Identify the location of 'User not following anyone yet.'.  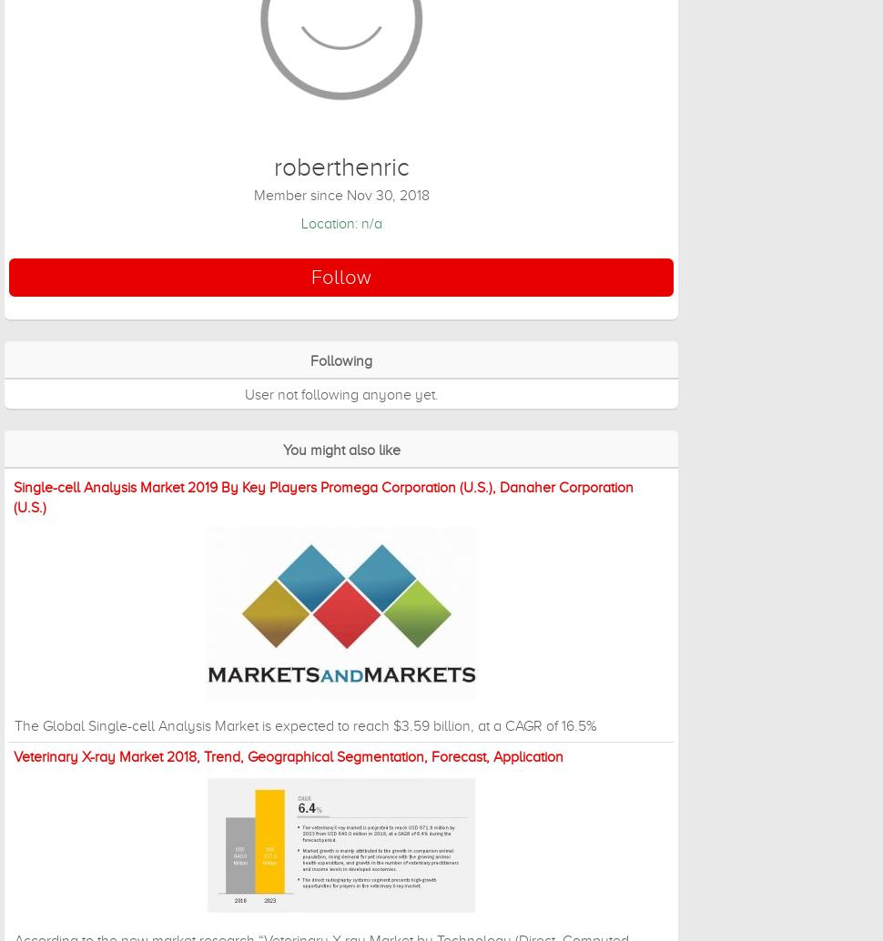
(243, 393).